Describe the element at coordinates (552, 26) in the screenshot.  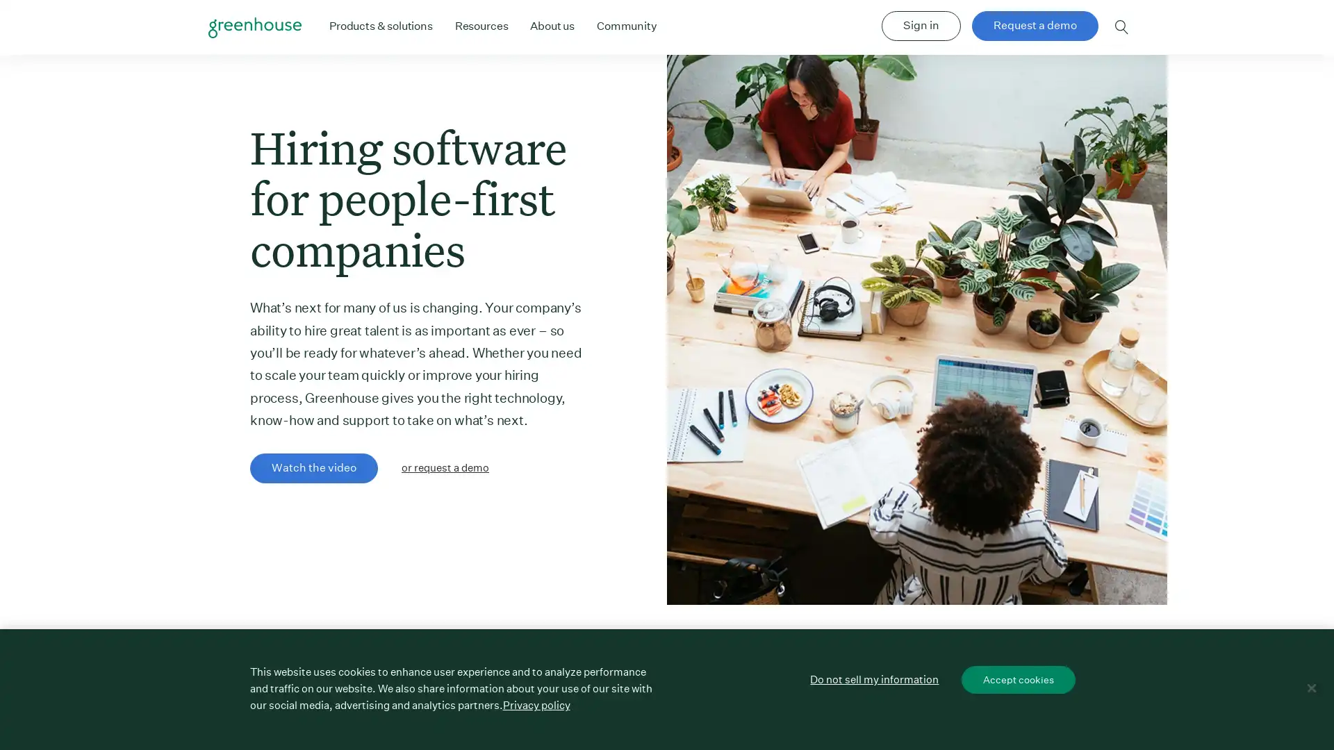
I see `Open menu for About us` at that location.